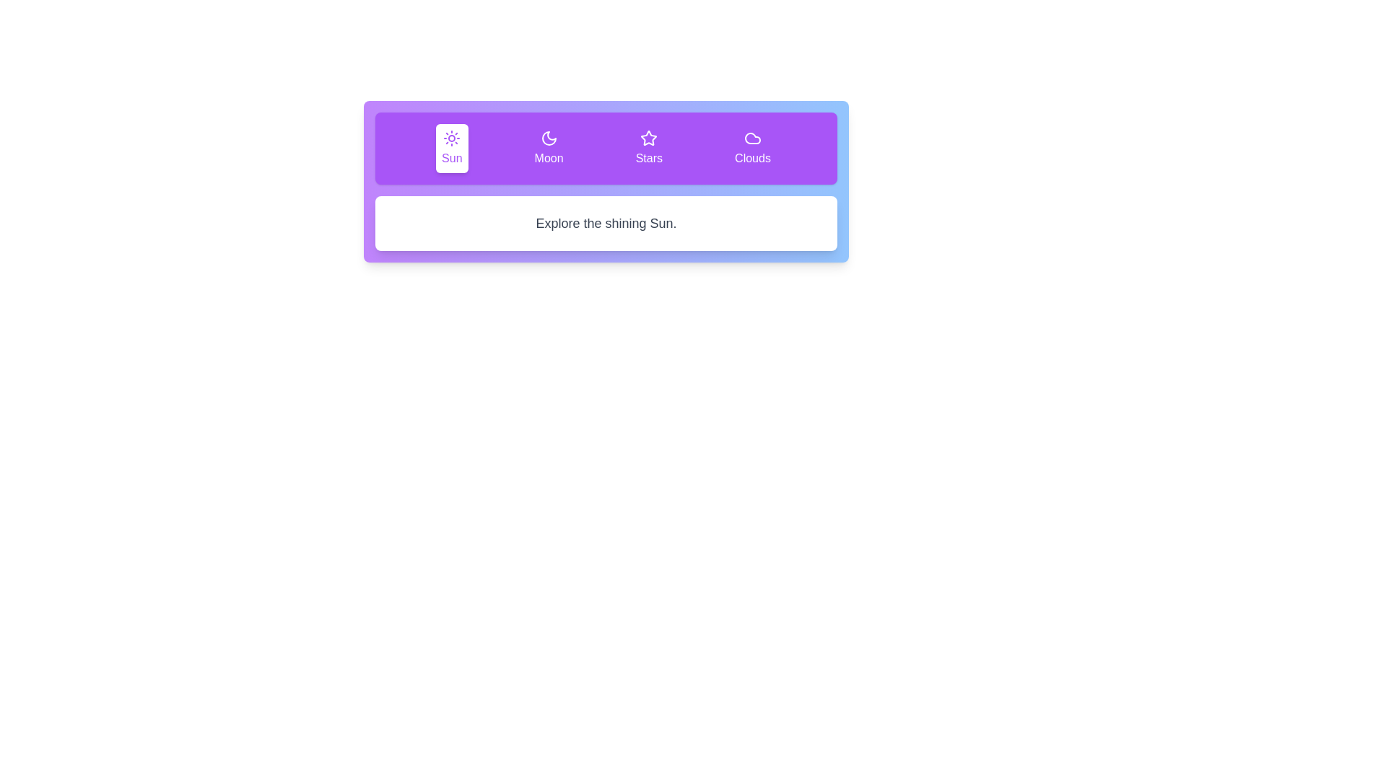  Describe the element at coordinates (751, 158) in the screenshot. I see `text label identifying the 'Clouds' section, which is centrally located in the navigation bar at the top of the interface` at that location.